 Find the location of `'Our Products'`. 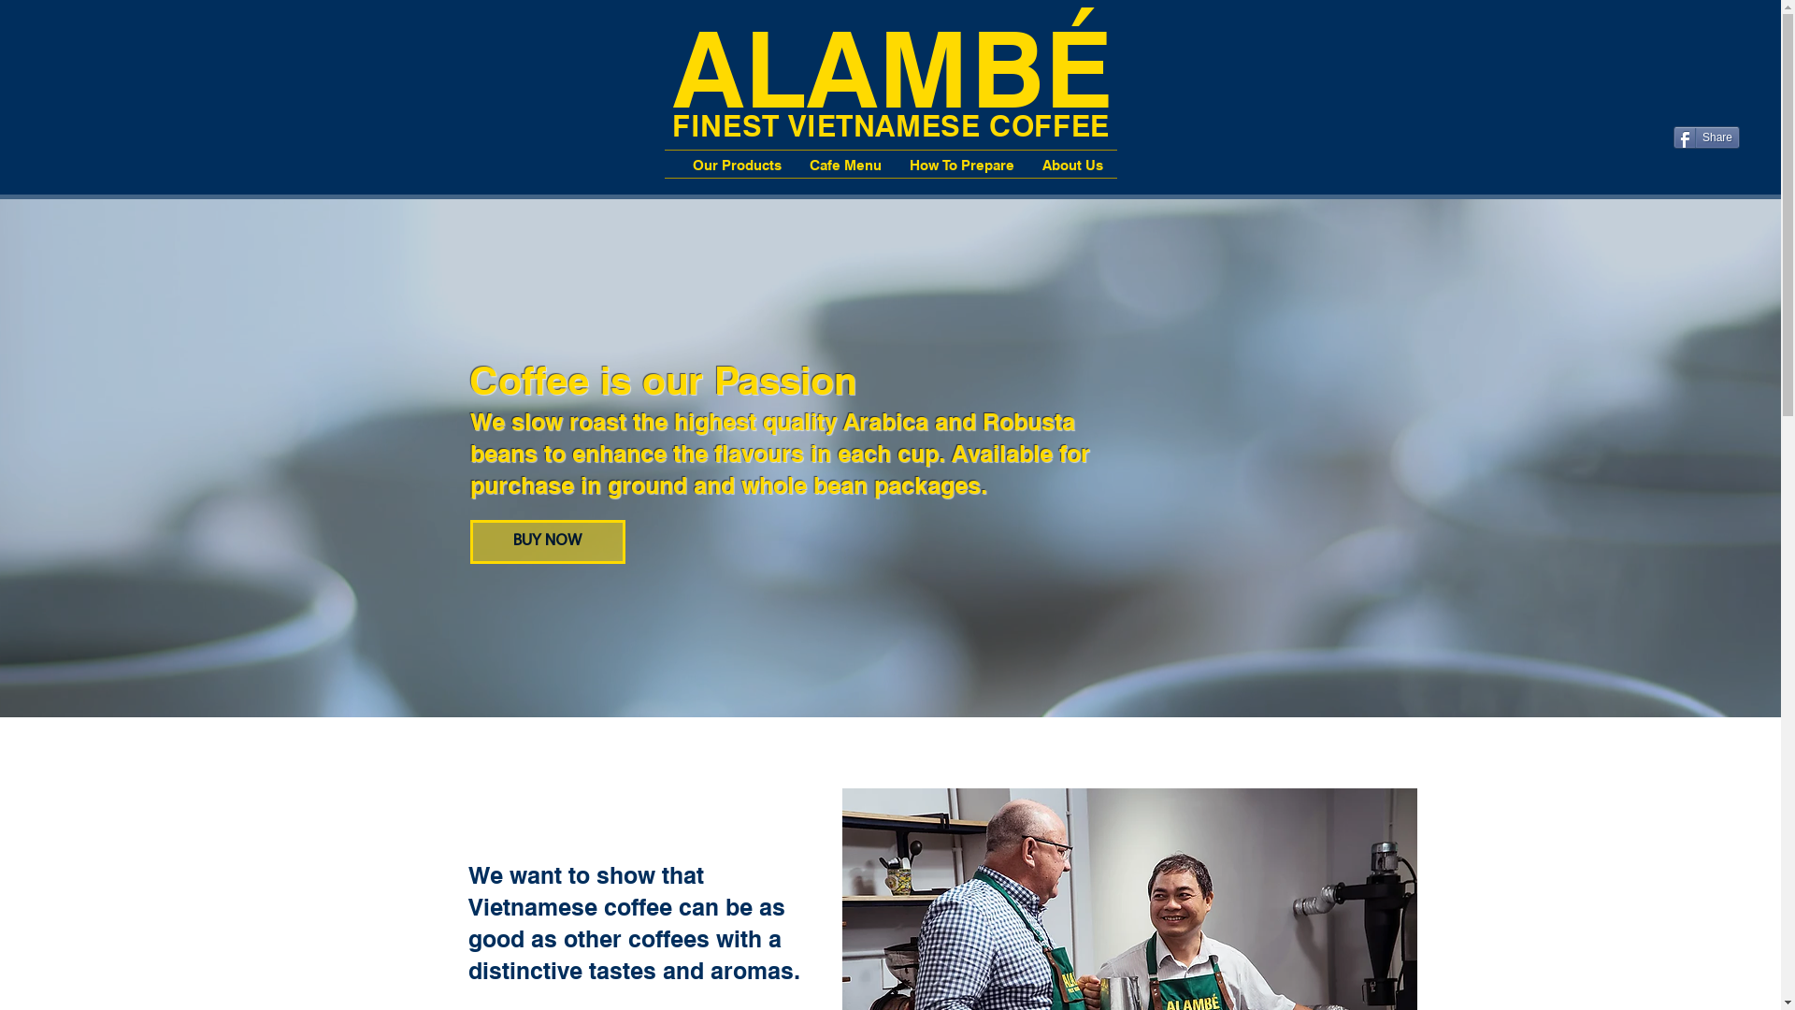

'Our Products' is located at coordinates (736, 162).